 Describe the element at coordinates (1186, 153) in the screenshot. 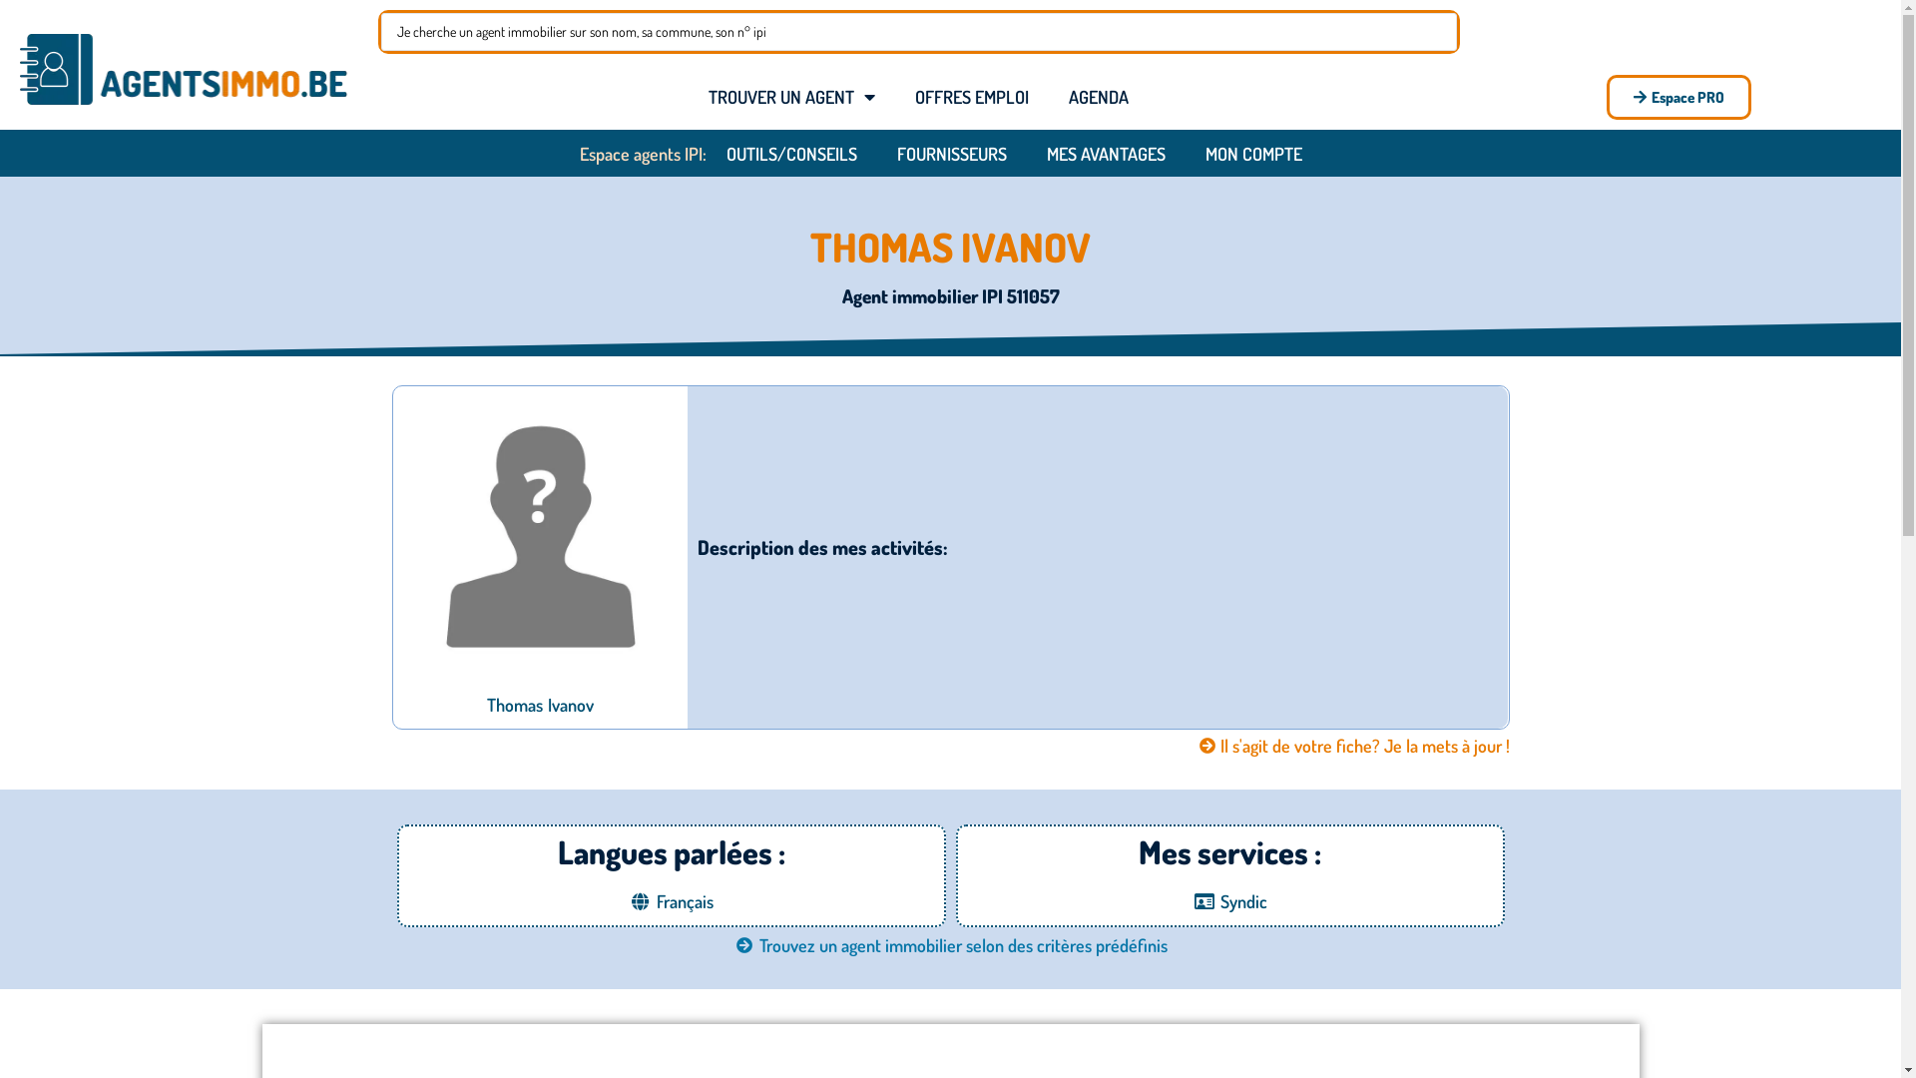

I see `'MON COMPTE'` at that location.